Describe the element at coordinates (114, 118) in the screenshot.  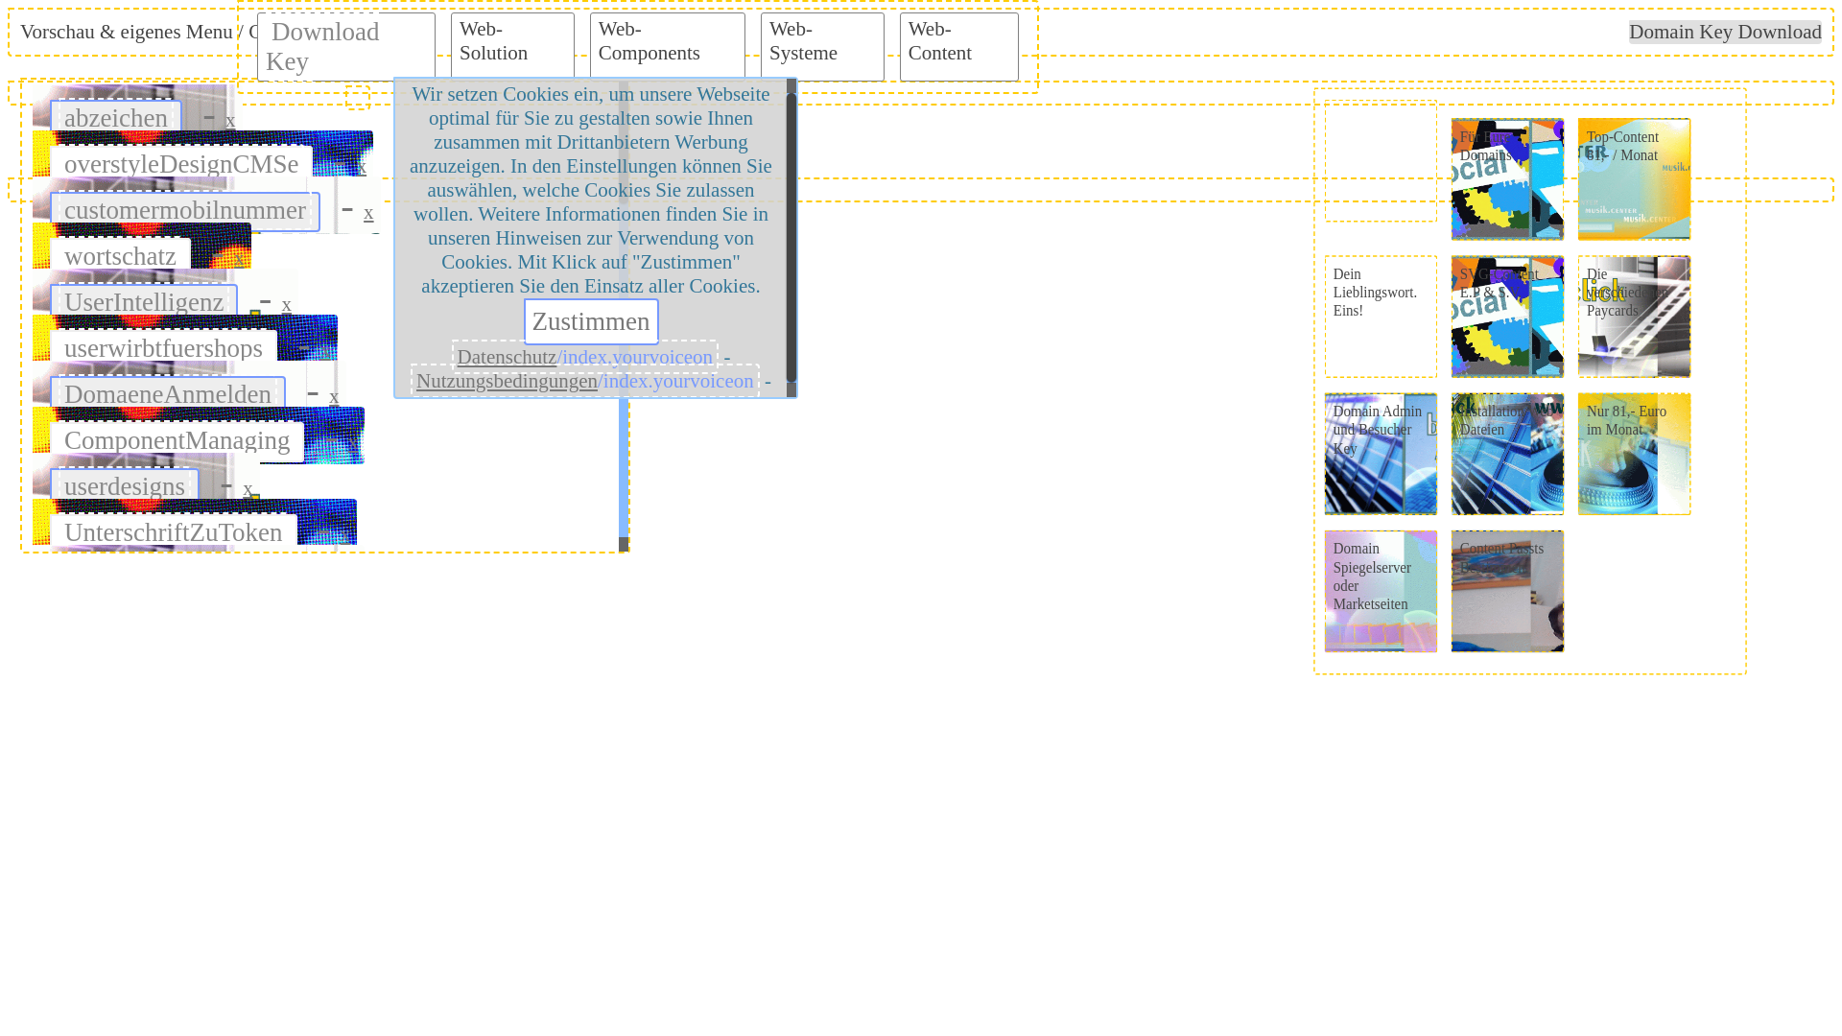
I see `'abzeichen'` at that location.